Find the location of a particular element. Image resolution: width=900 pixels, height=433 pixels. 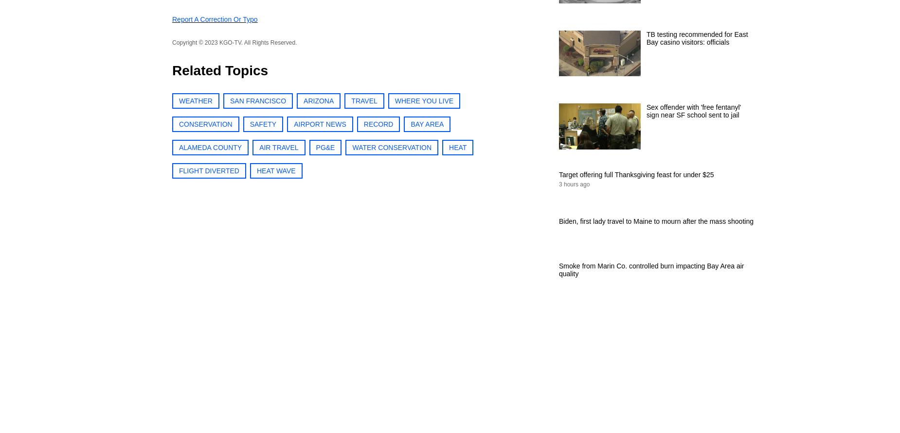

'HEAT WAVE' is located at coordinates (276, 170).